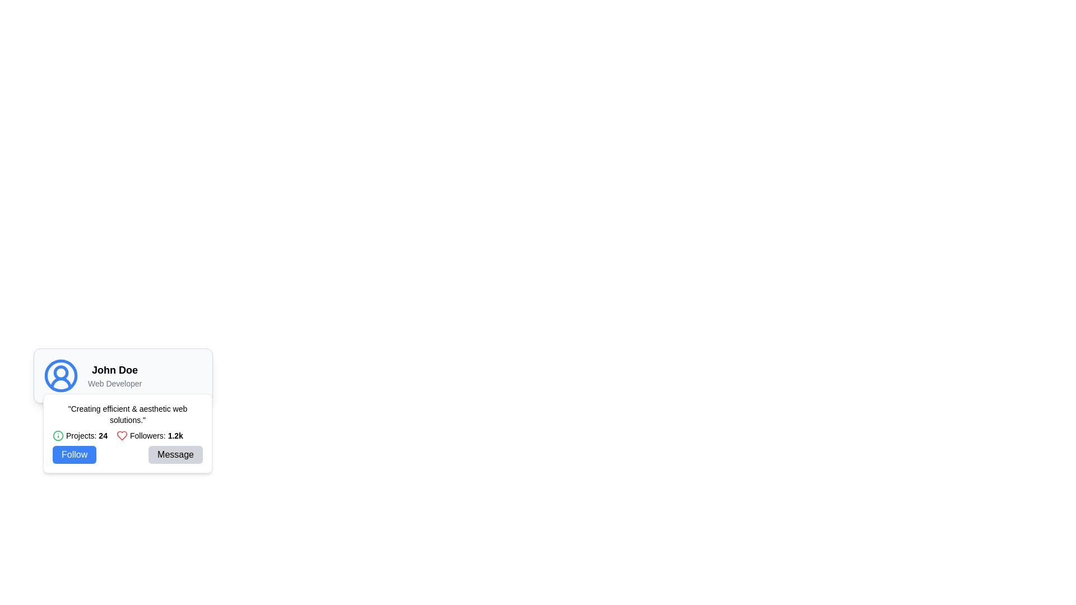 The image size is (1076, 605). Describe the element at coordinates (127, 433) in the screenshot. I see `the content of the Text Display Box that displays statistics about Projects and Followers, located in the lower section of the user profile card` at that location.